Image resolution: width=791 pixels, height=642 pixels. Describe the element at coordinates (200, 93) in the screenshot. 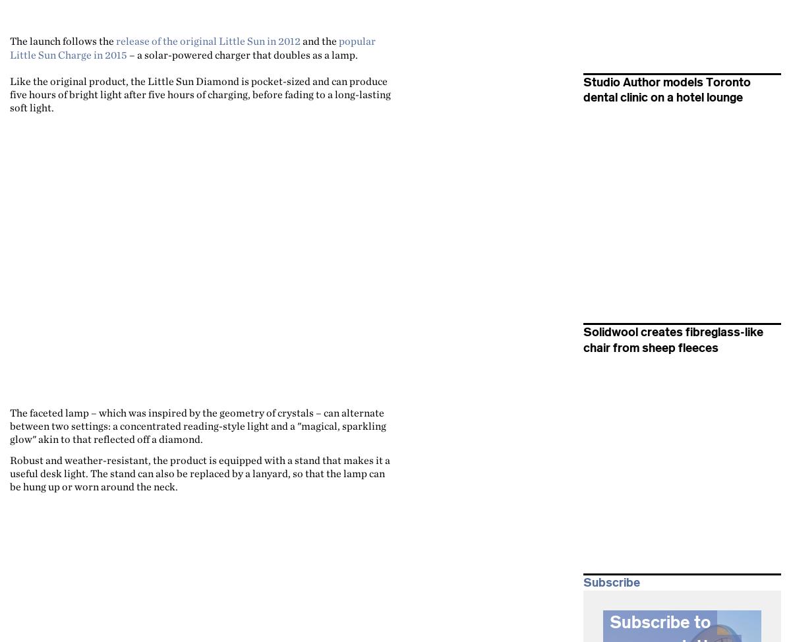

I see `'Like the original product, the Little Sun Diamond is pocket-sized and can produce five hours of bright light after five hours of charging, before fading to a long-lasting soft light.'` at that location.